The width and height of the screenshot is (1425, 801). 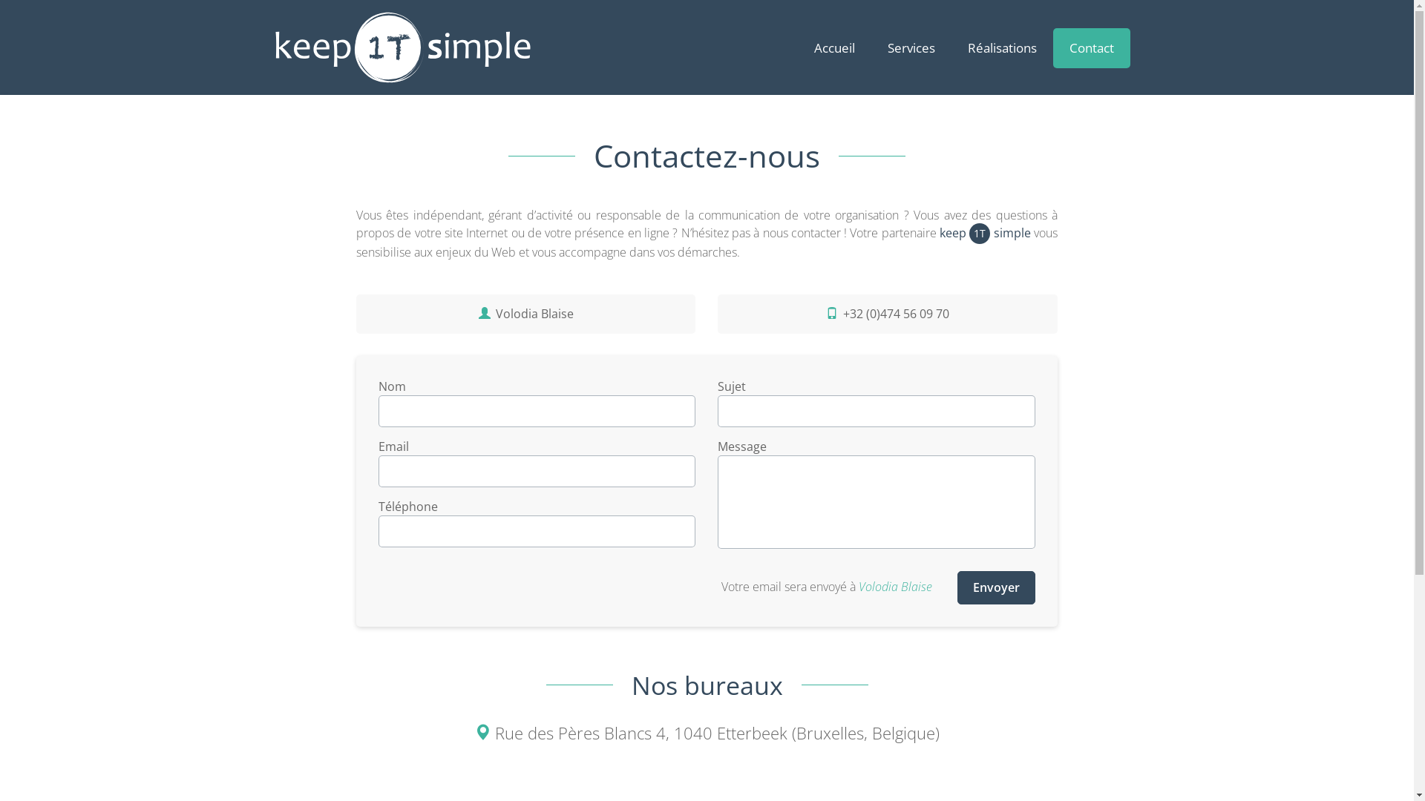 What do you see at coordinates (1090, 47) in the screenshot?
I see `'Contact'` at bounding box center [1090, 47].